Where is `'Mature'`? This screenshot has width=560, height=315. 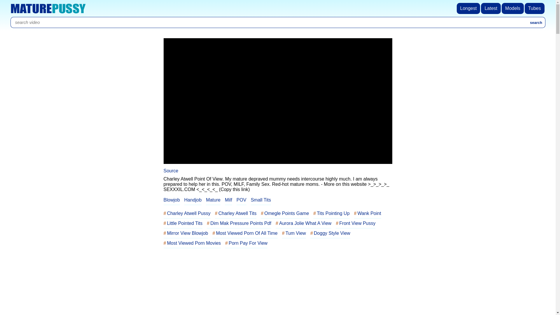 'Mature' is located at coordinates (206, 200).